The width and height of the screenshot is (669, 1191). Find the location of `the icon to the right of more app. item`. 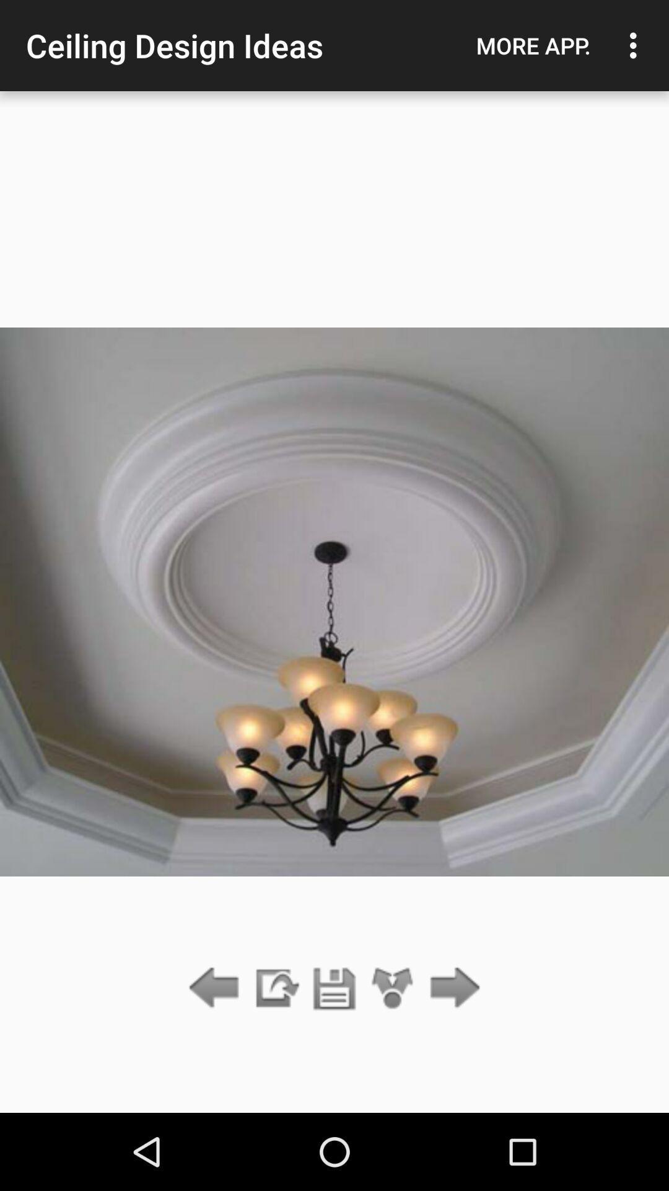

the icon to the right of more app. item is located at coordinates (636, 45).